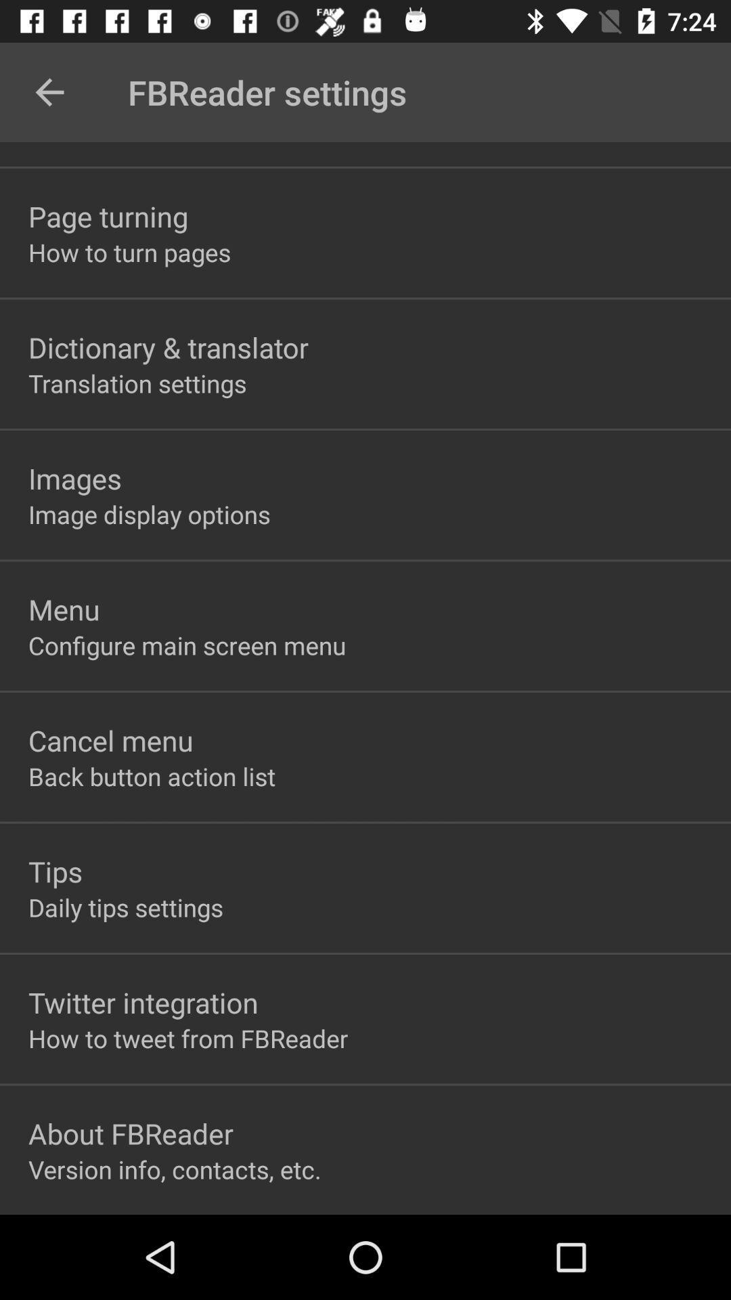  What do you see at coordinates (149, 513) in the screenshot?
I see `the item below images icon` at bounding box center [149, 513].